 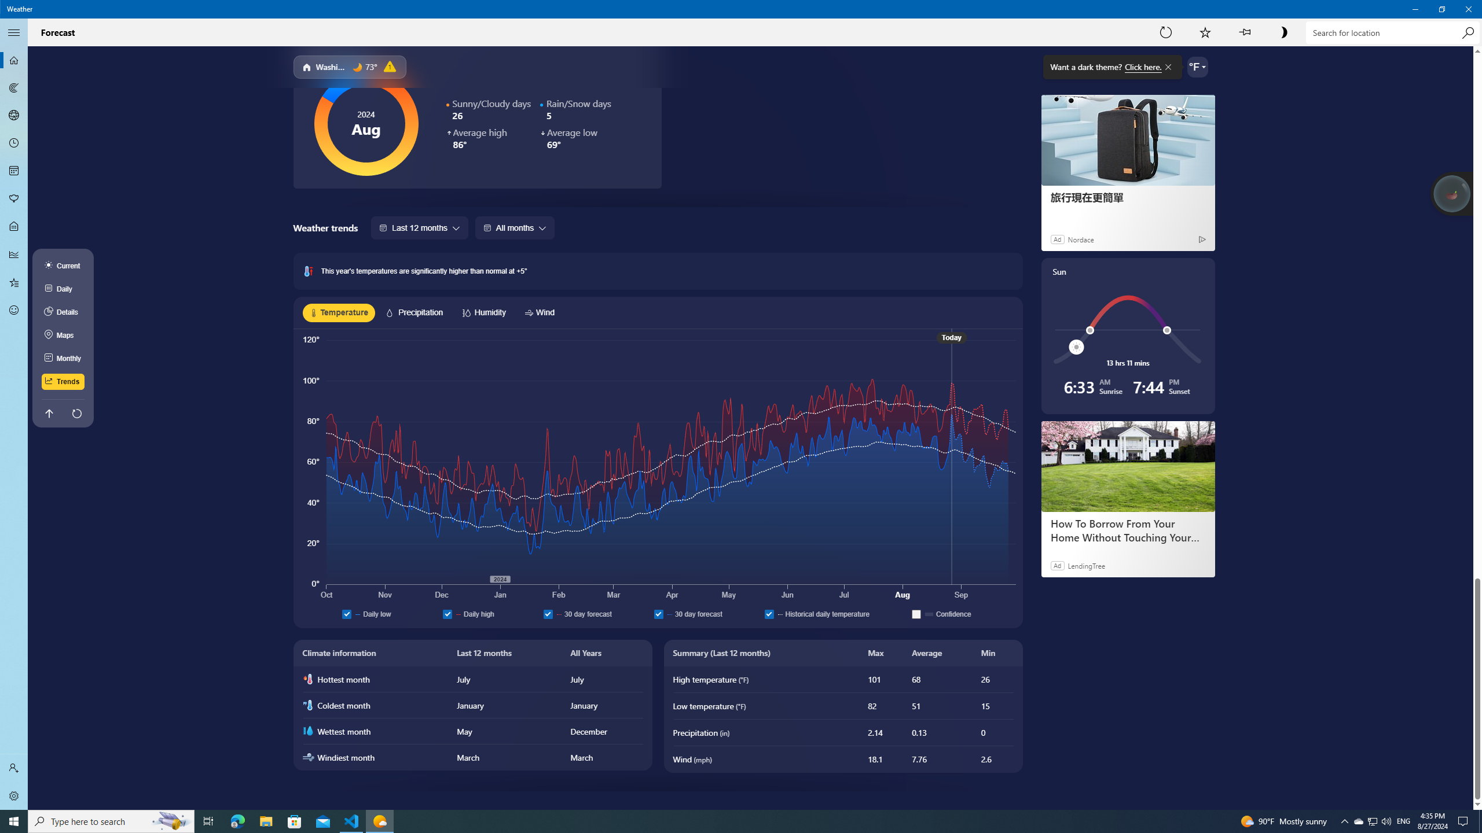 What do you see at coordinates (1468, 32) in the screenshot?
I see `'Search'` at bounding box center [1468, 32].